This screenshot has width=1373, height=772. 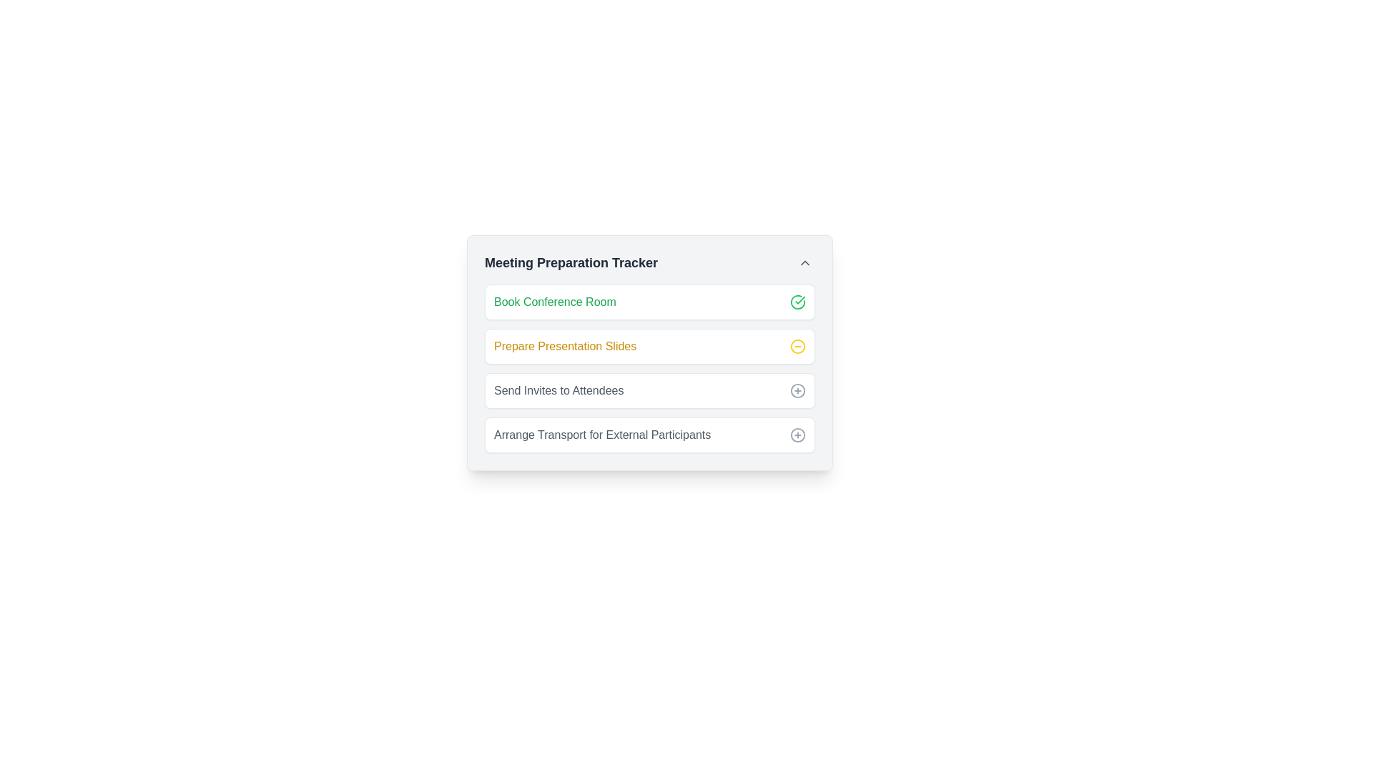 What do you see at coordinates (649, 435) in the screenshot?
I see `the task card for arranging transport for external participants, which is the fourth item in the 'Meeting Preparation Tracker' list` at bounding box center [649, 435].